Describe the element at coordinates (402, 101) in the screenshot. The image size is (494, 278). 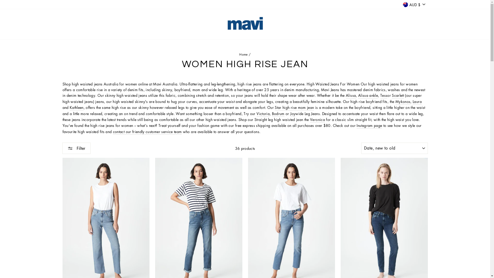
I see `'Mykonos'` at that location.